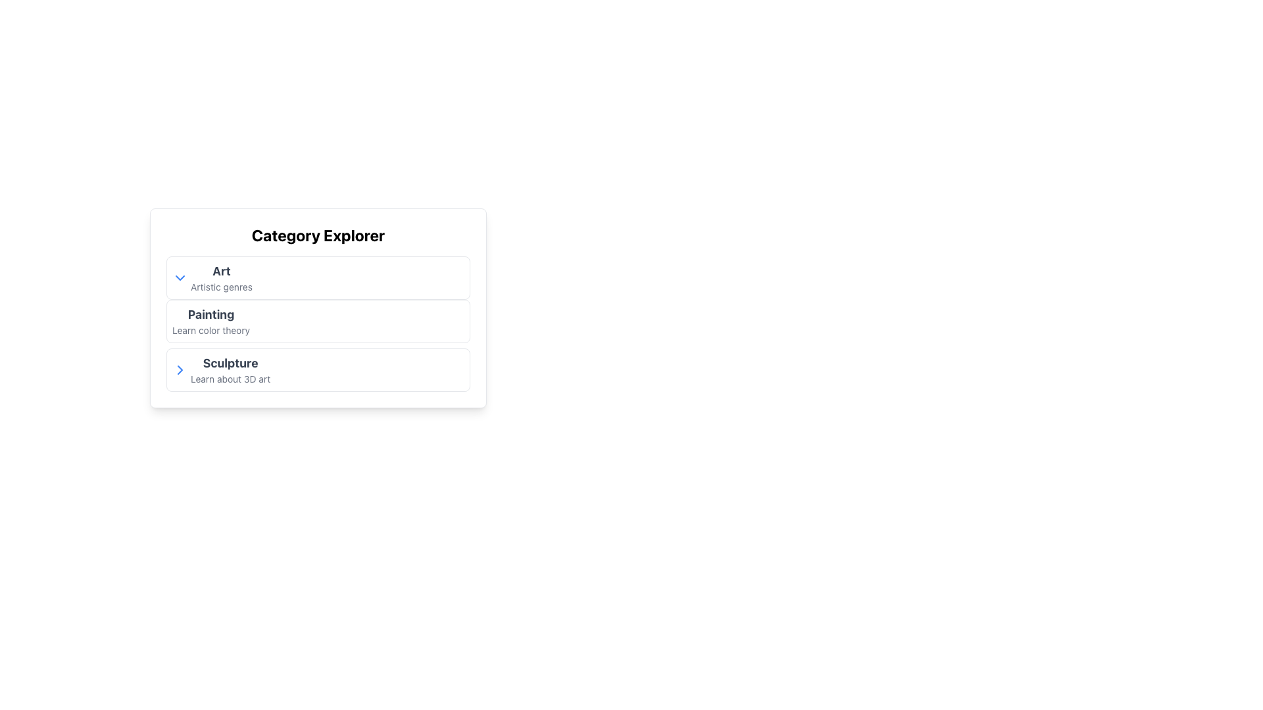 This screenshot has height=710, width=1263. What do you see at coordinates (221, 270) in the screenshot?
I see `the 'Art' category text label, which serves as a title or header for the section` at bounding box center [221, 270].